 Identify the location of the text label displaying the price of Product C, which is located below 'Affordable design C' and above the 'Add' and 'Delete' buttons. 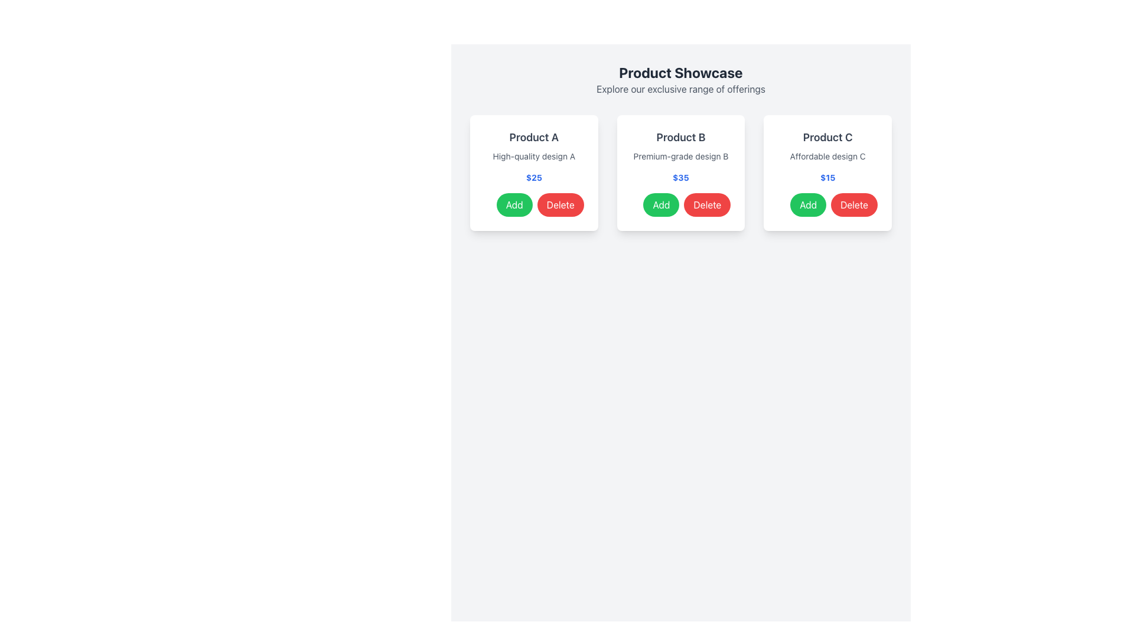
(827, 177).